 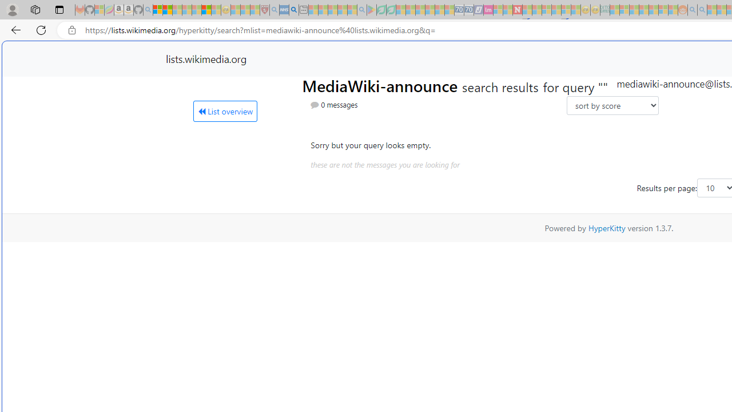 I want to click on 'utah sues federal government - Search', so click(x=293, y=10).